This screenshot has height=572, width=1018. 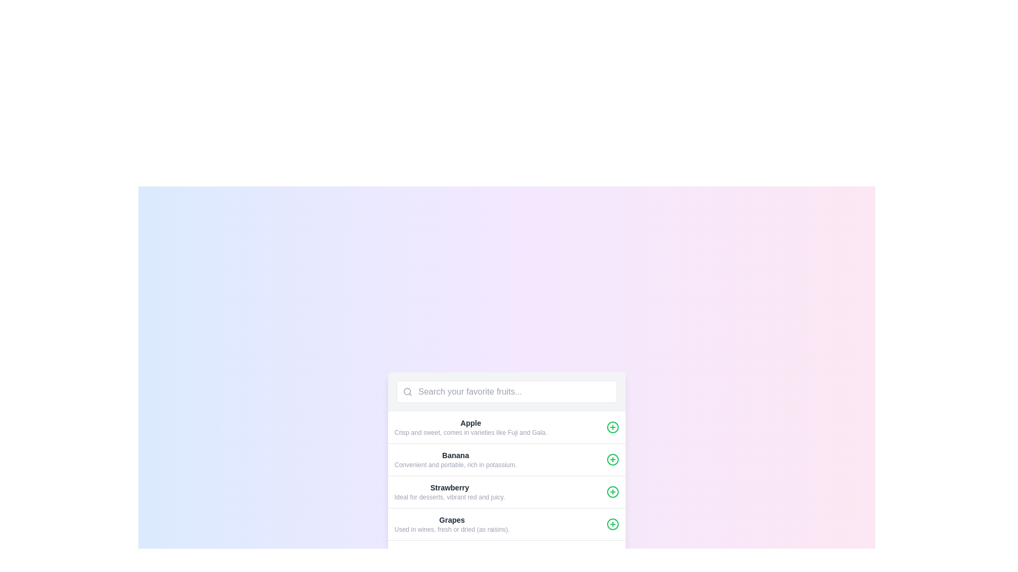 I want to click on the text display area that contains the bold text 'Grapes' and the smaller text 'Used in wines, fresh or dried (as raisins)', located within the fourth entry of a vertical list of items, so click(x=452, y=524).